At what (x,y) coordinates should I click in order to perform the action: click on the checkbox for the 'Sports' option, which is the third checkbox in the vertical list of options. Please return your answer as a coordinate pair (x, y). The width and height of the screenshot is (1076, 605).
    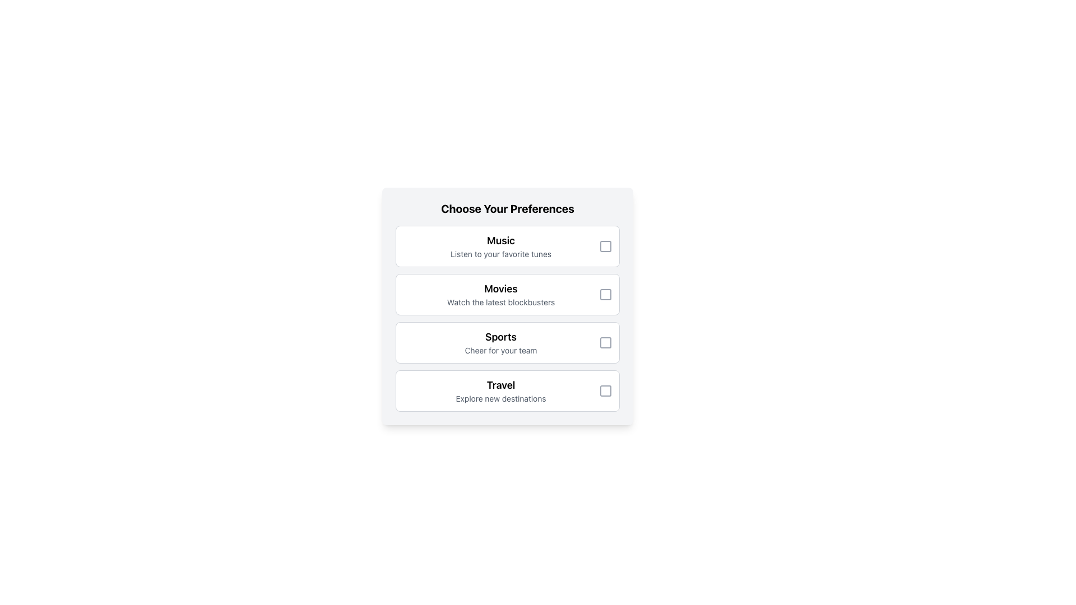
    Looking at the image, I should click on (605, 342).